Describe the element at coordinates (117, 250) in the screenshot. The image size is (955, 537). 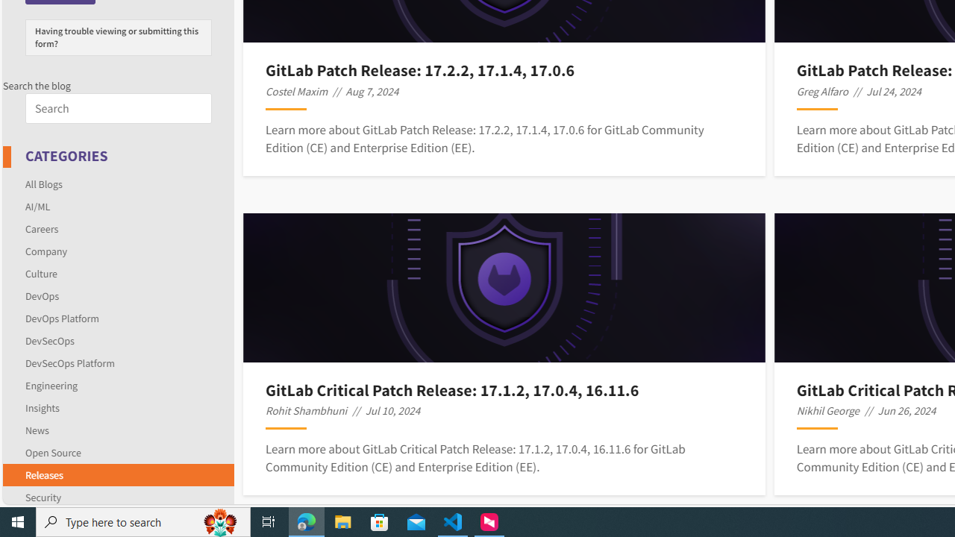
I see `'Company'` at that location.